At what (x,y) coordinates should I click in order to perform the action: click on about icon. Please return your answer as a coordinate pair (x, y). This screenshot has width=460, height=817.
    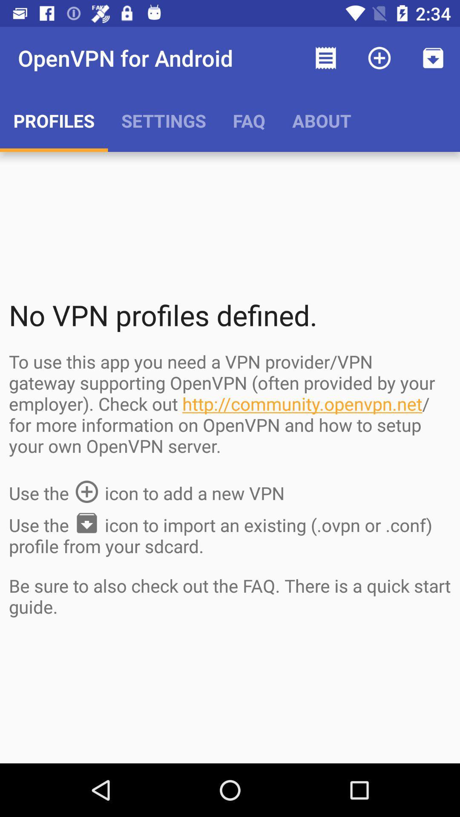
    Looking at the image, I should click on (322, 120).